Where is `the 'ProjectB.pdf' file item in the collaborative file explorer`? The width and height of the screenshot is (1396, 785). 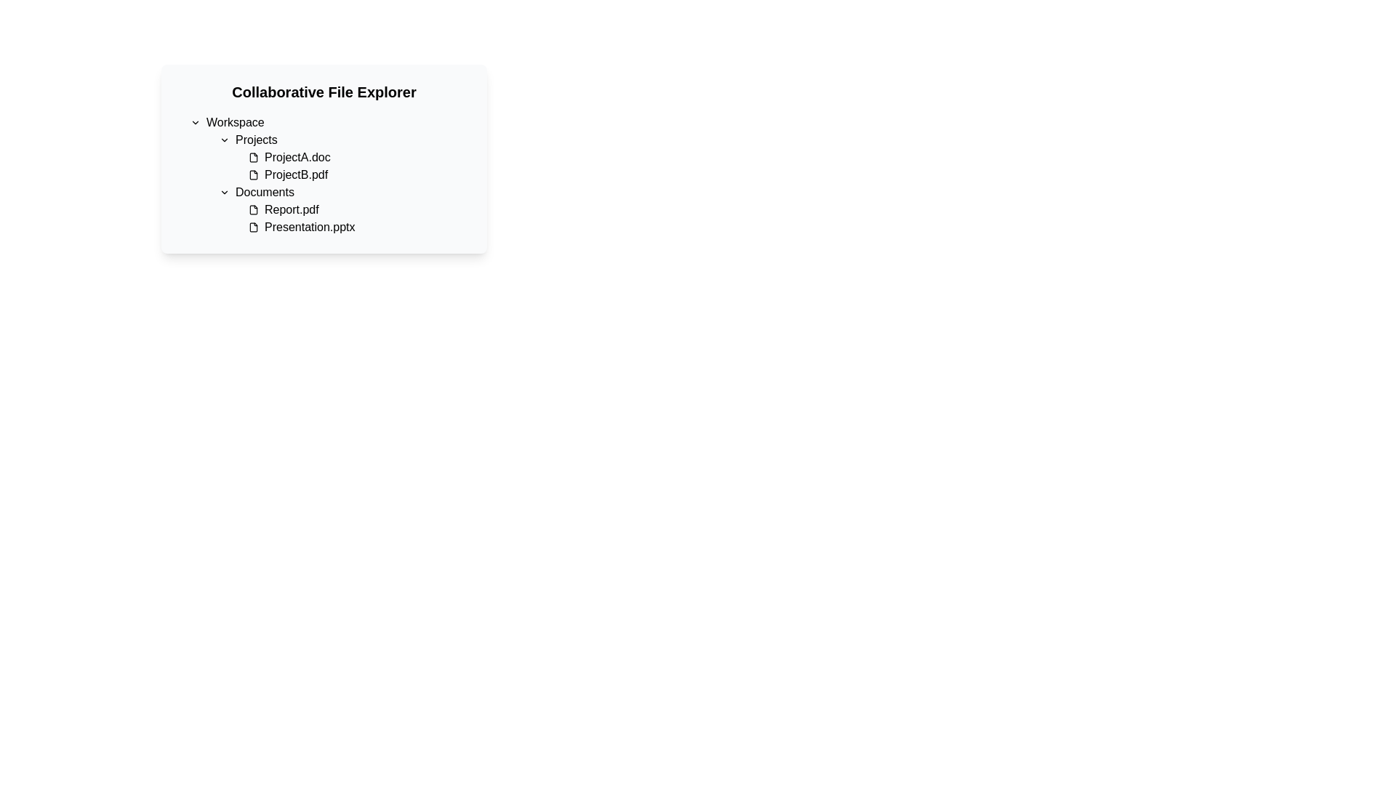 the 'ProjectB.pdf' file item in the collaborative file explorer is located at coordinates (359, 174).